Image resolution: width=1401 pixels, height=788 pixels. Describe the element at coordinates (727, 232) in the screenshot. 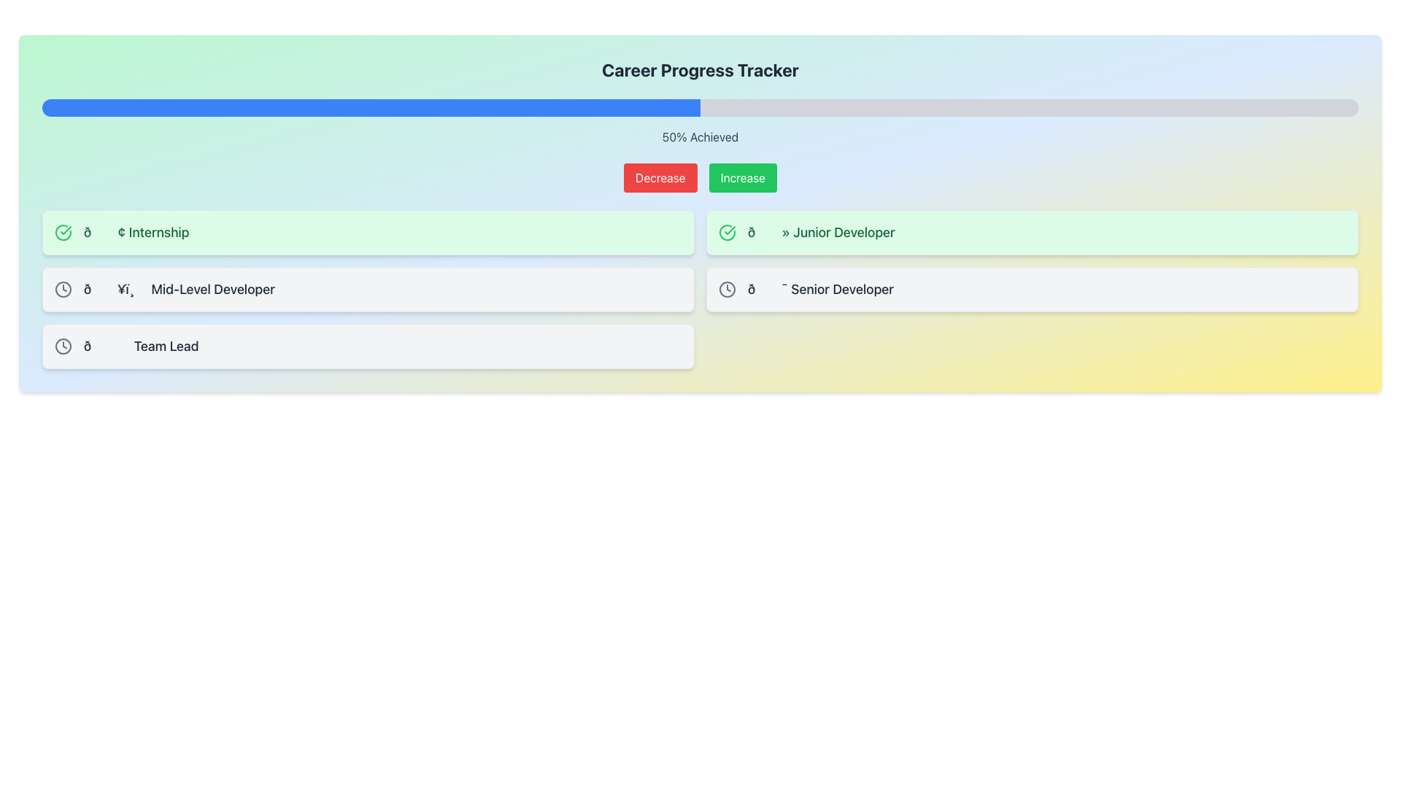

I see `the green circular check icon indicating confirmation, located in the 'Junior Developer' card in the second row, to the left of the role description` at that location.